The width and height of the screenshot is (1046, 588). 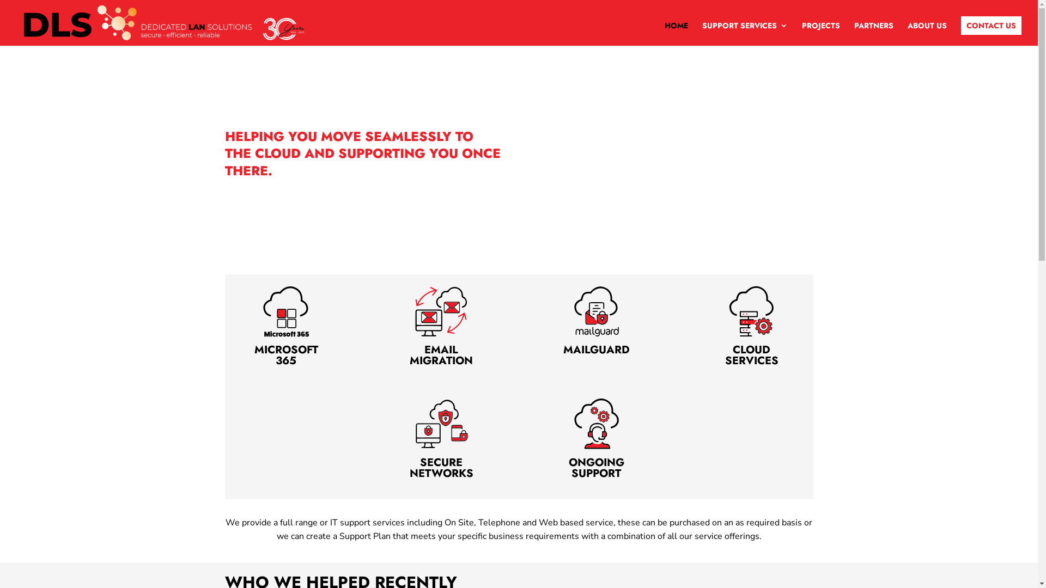 I want to click on 'HOME', so click(x=676, y=33).